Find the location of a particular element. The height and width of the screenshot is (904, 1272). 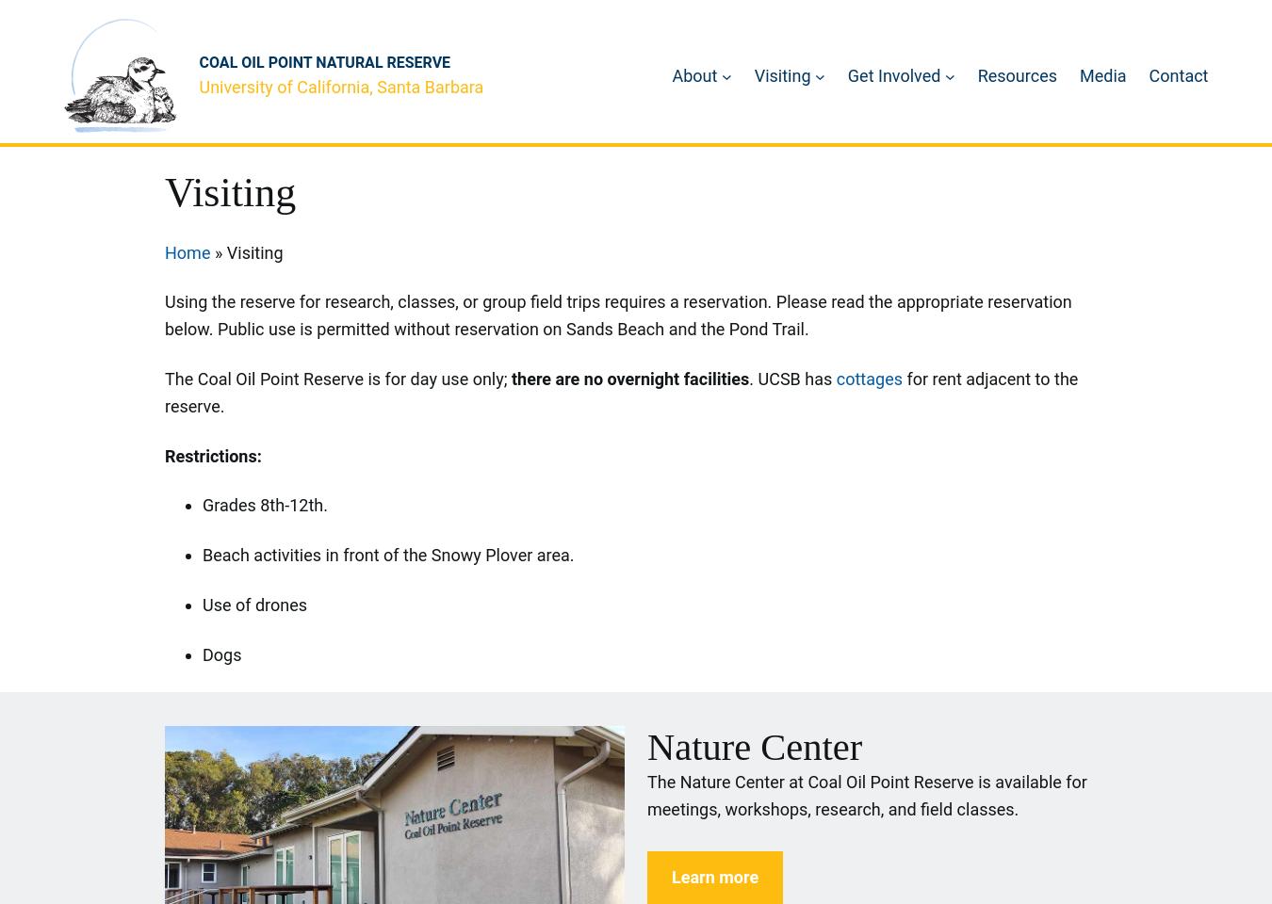

'Use of drones' is located at coordinates (203, 603).